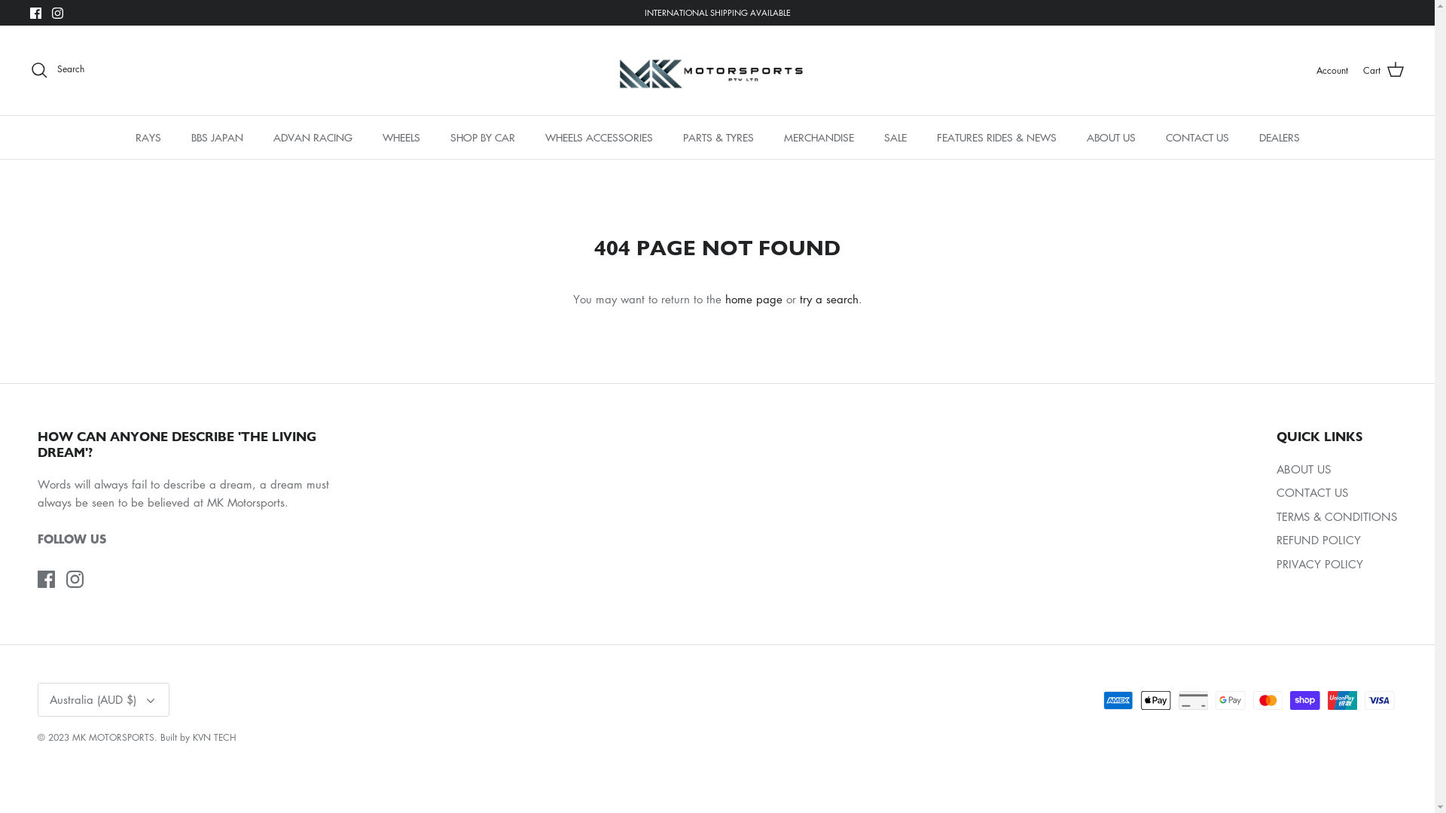 This screenshot has width=1446, height=813. Describe the element at coordinates (828, 299) in the screenshot. I see `'try a search'` at that location.